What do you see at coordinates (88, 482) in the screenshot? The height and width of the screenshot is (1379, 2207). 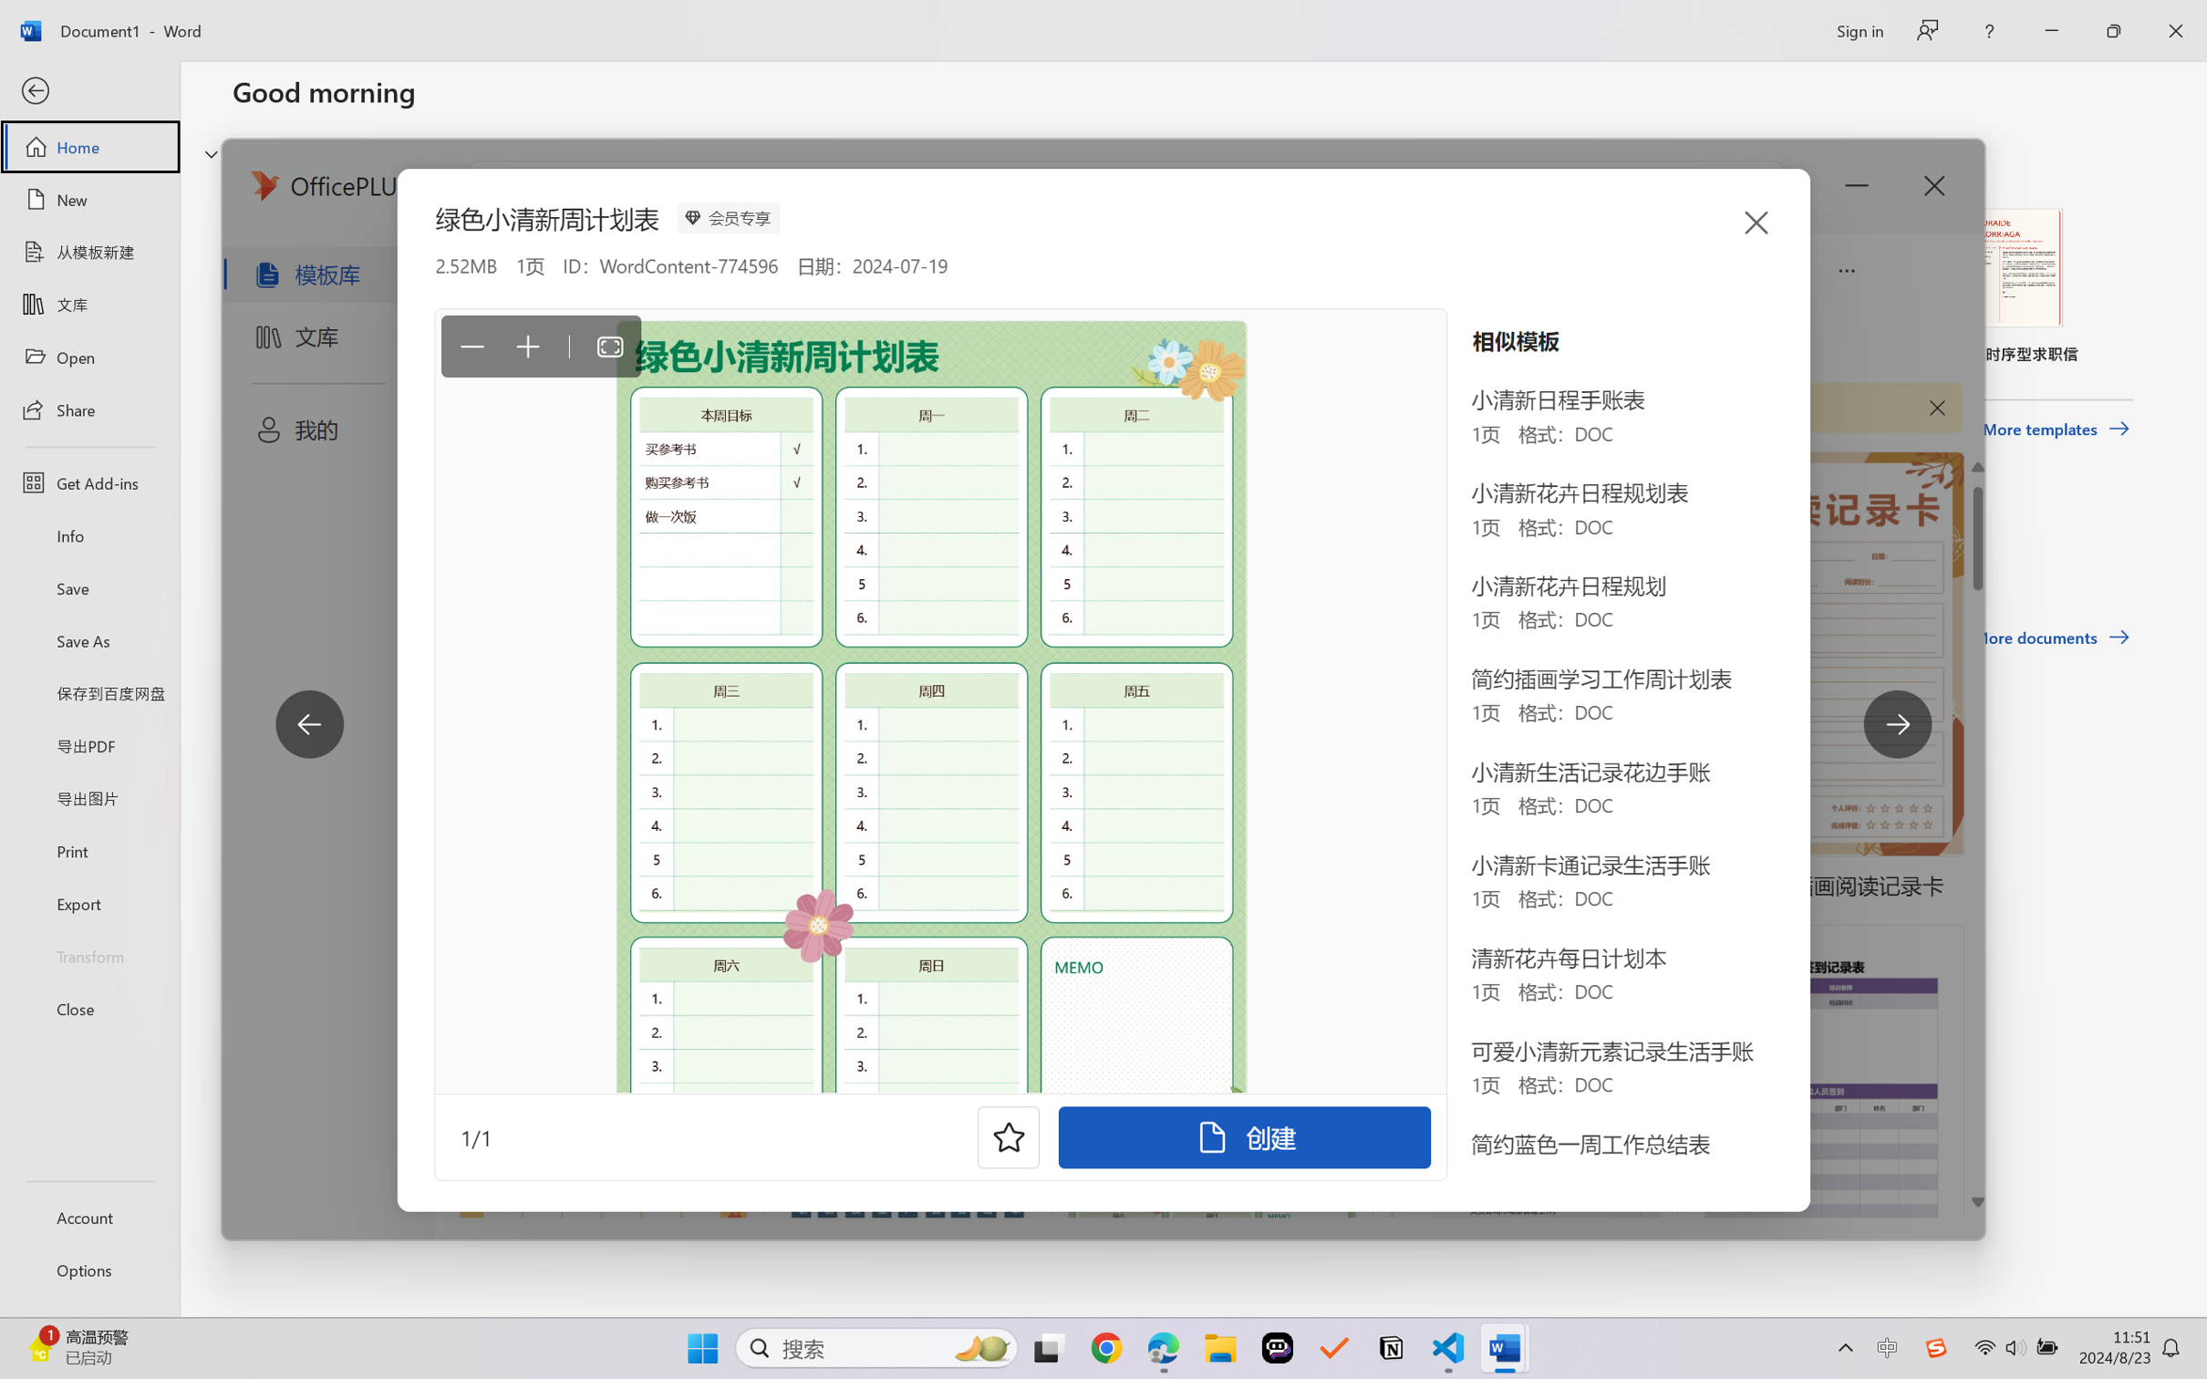 I see `'Get Add-ins'` at bounding box center [88, 482].